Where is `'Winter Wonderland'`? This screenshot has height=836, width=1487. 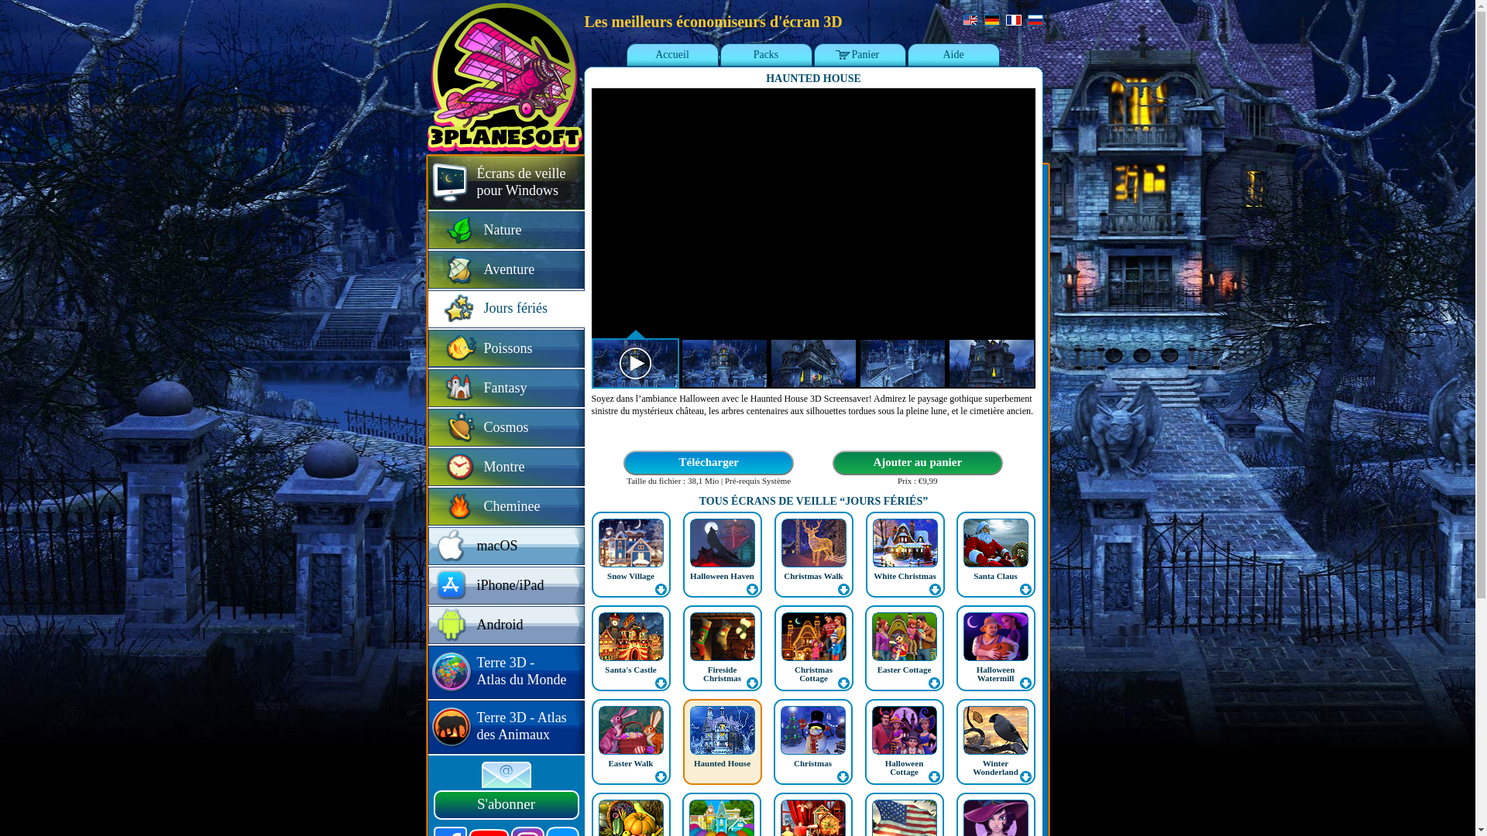 'Winter Wonderland' is located at coordinates (995, 767).